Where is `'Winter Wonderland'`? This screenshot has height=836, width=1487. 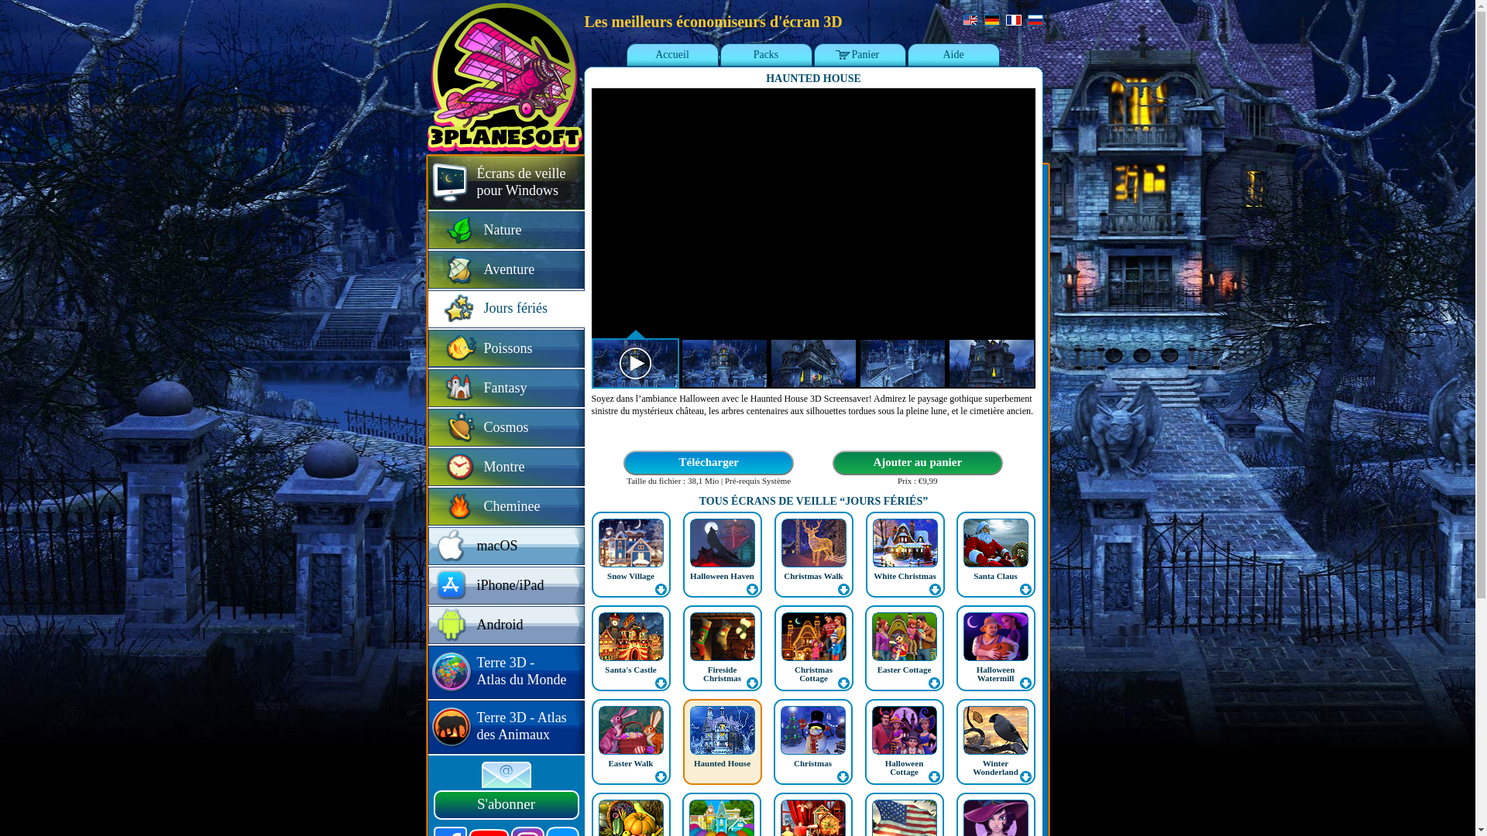 'Winter Wonderland' is located at coordinates (995, 767).